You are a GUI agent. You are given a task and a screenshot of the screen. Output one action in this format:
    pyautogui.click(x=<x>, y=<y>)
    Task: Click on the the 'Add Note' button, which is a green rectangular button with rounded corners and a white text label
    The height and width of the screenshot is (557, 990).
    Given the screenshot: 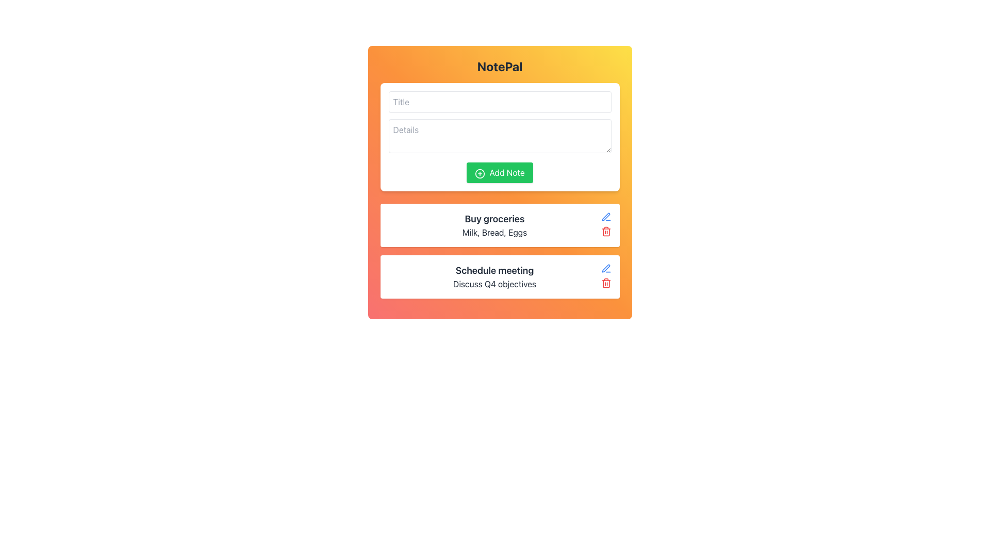 What is the action you would take?
    pyautogui.click(x=500, y=172)
    